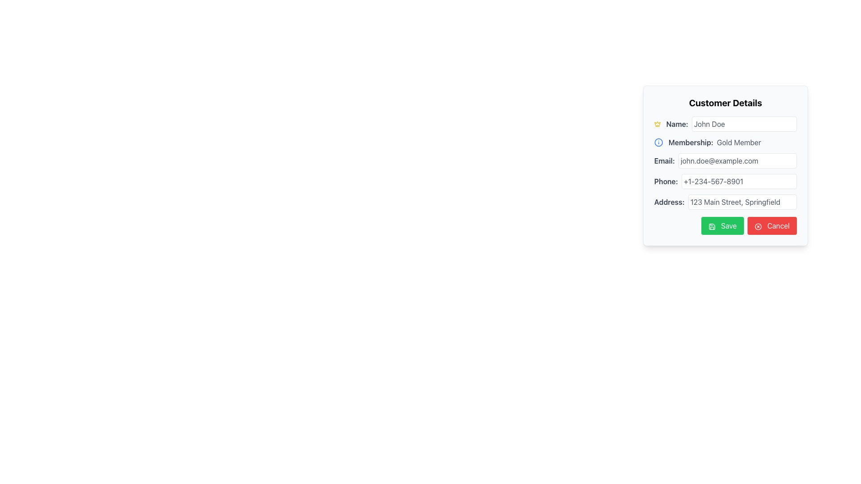 The width and height of the screenshot is (861, 484). What do you see at coordinates (739, 181) in the screenshot?
I see `the text input field for the phone number, which is labeled 'Phone:' and contains the default text '+1-234-567-8901'` at bounding box center [739, 181].